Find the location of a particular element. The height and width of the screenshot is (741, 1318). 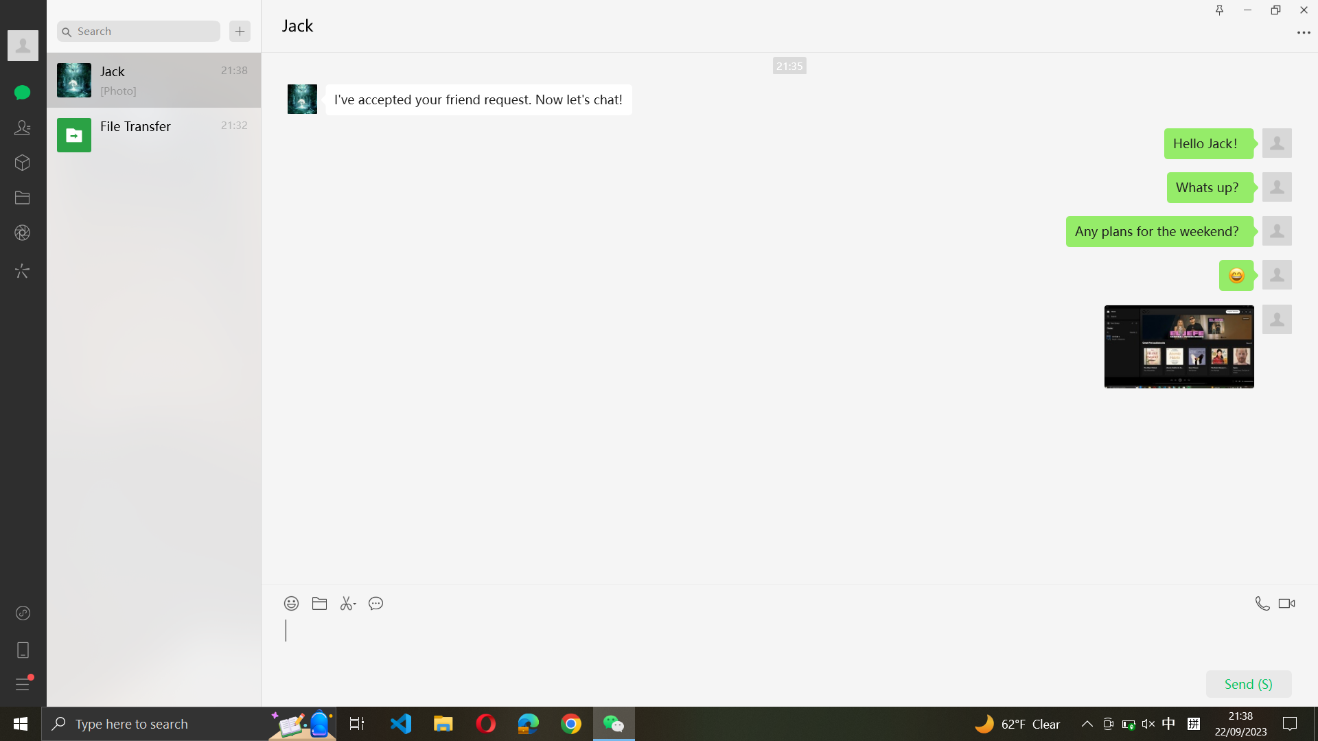

Voice Call Jack is located at coordinates (1260, 600).